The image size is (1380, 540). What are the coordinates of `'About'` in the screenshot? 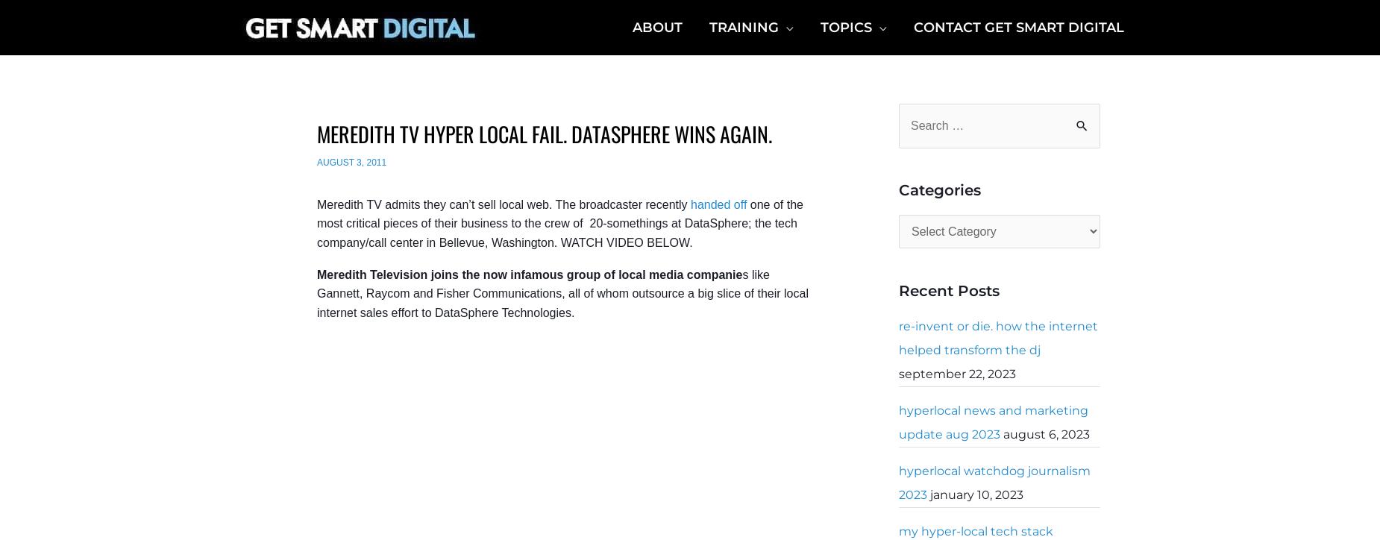 It's located at (633, 27).